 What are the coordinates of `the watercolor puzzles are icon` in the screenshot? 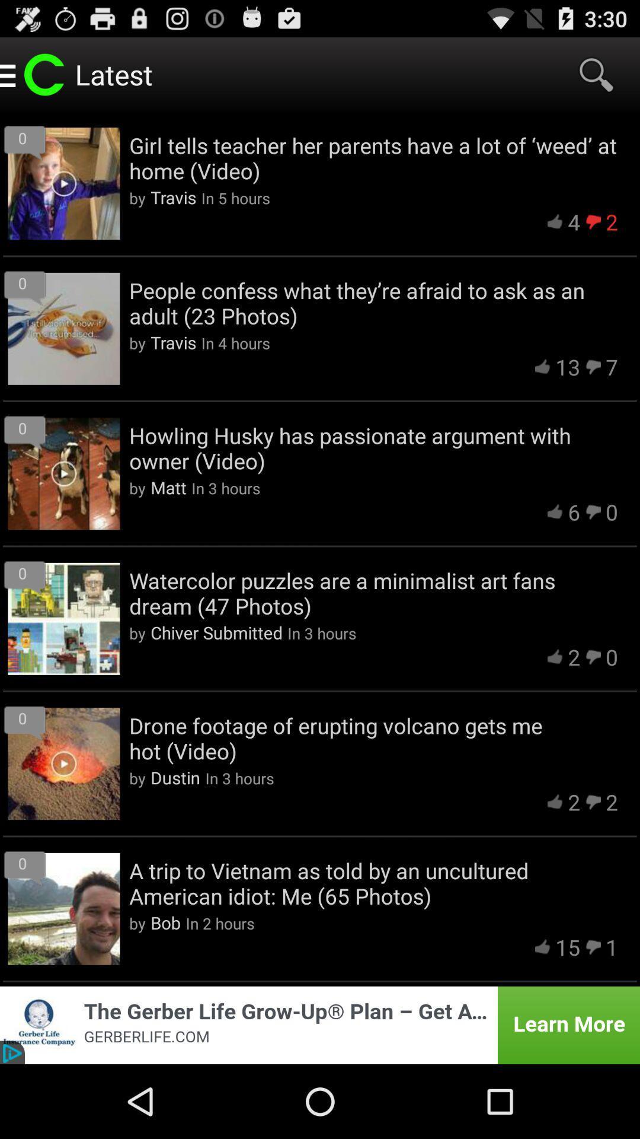 It's located at (373, 593).